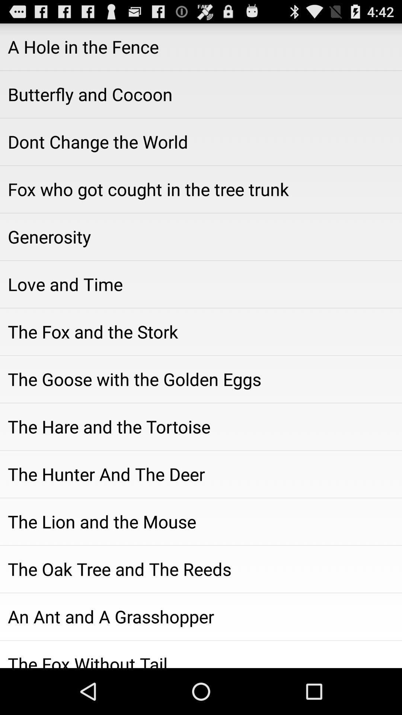 The height and width of the screenshot is (715, 402). What do you see at coordinates (201, 284) in the screenshot?
I see `app below the generosity app` at bounding box center [201, 284].